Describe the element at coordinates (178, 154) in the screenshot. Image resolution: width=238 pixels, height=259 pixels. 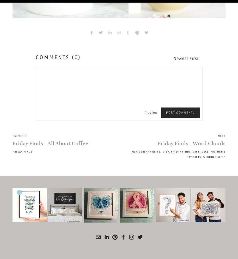
I see `'Anniversary Gifts, Etsy, Friday Finds, Gift Ideas, Mother's Day GIfts, Wedding GIfts'` at that location.